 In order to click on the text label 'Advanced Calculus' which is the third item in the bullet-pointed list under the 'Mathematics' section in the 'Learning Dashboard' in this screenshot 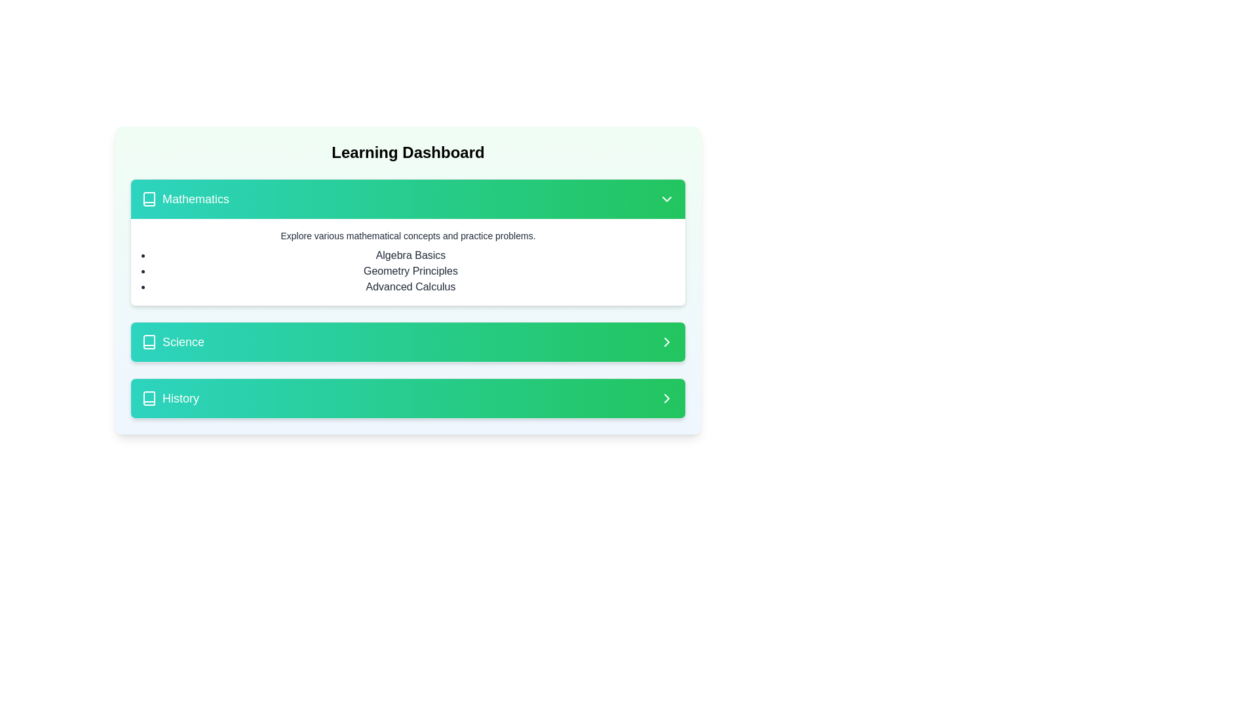, I will do `click(410, 286)`.